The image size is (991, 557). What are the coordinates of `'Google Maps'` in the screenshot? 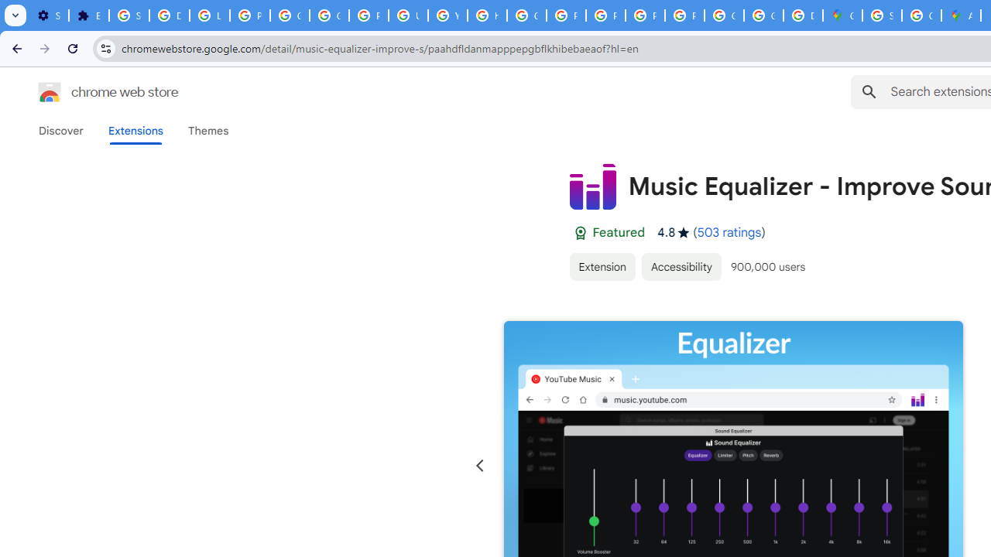 It's located at (842, 15).